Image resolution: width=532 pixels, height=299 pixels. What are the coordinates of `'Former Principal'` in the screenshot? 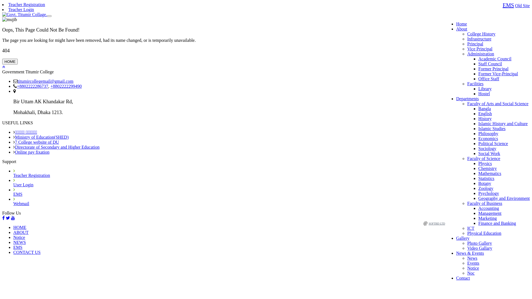 It's located at (493, 68).